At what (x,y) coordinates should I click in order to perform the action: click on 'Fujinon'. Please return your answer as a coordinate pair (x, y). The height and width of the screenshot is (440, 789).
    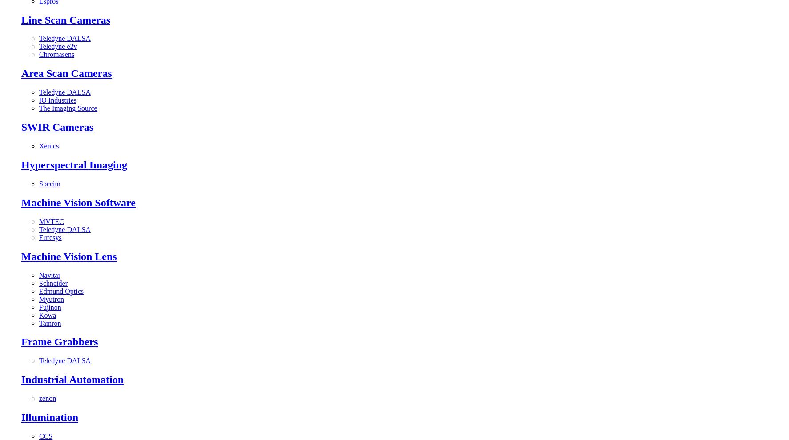
    Looking at the image, I should click on (50, 307).